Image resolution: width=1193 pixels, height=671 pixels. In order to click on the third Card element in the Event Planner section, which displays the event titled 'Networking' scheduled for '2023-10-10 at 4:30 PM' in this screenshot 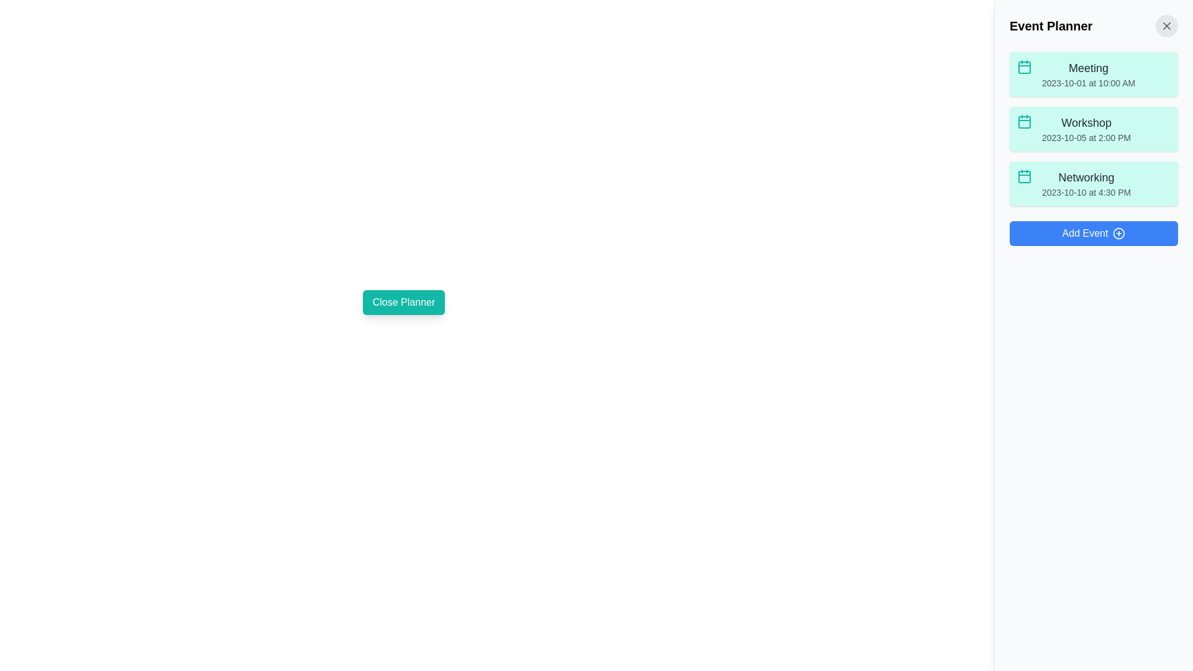, I will do `click(1094, 184)`.